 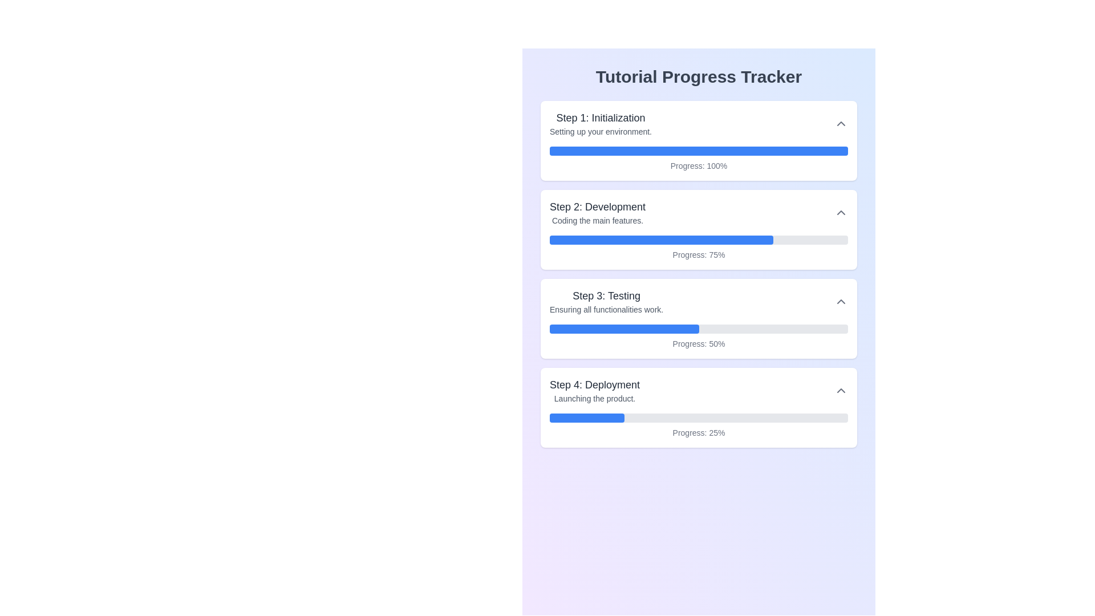 I want to click on the text label that reads 'Ensuring all functionalities work.' located below 'Step 3: Testing' in the tutorial progress tracker interface, so click(x=606, y=310).